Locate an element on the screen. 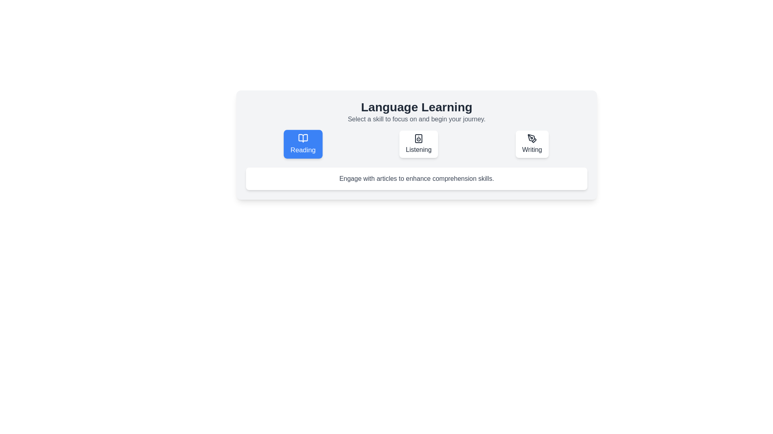 The height and width of the screenshot is (434, 773). the 'Listening' selection button located between 'Reading' and 'Writing' is located at coordinates (417, 143).